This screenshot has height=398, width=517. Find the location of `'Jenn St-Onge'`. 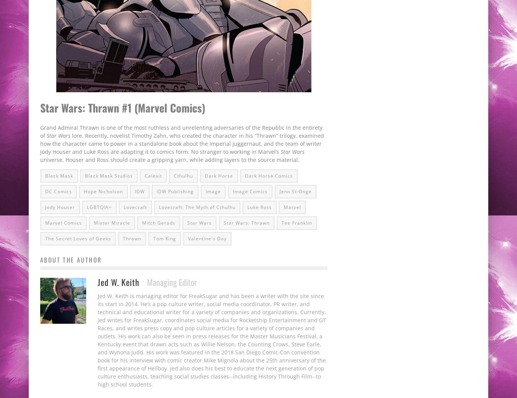

'Jenn St-Onge' is located at coordinates (295, 191).